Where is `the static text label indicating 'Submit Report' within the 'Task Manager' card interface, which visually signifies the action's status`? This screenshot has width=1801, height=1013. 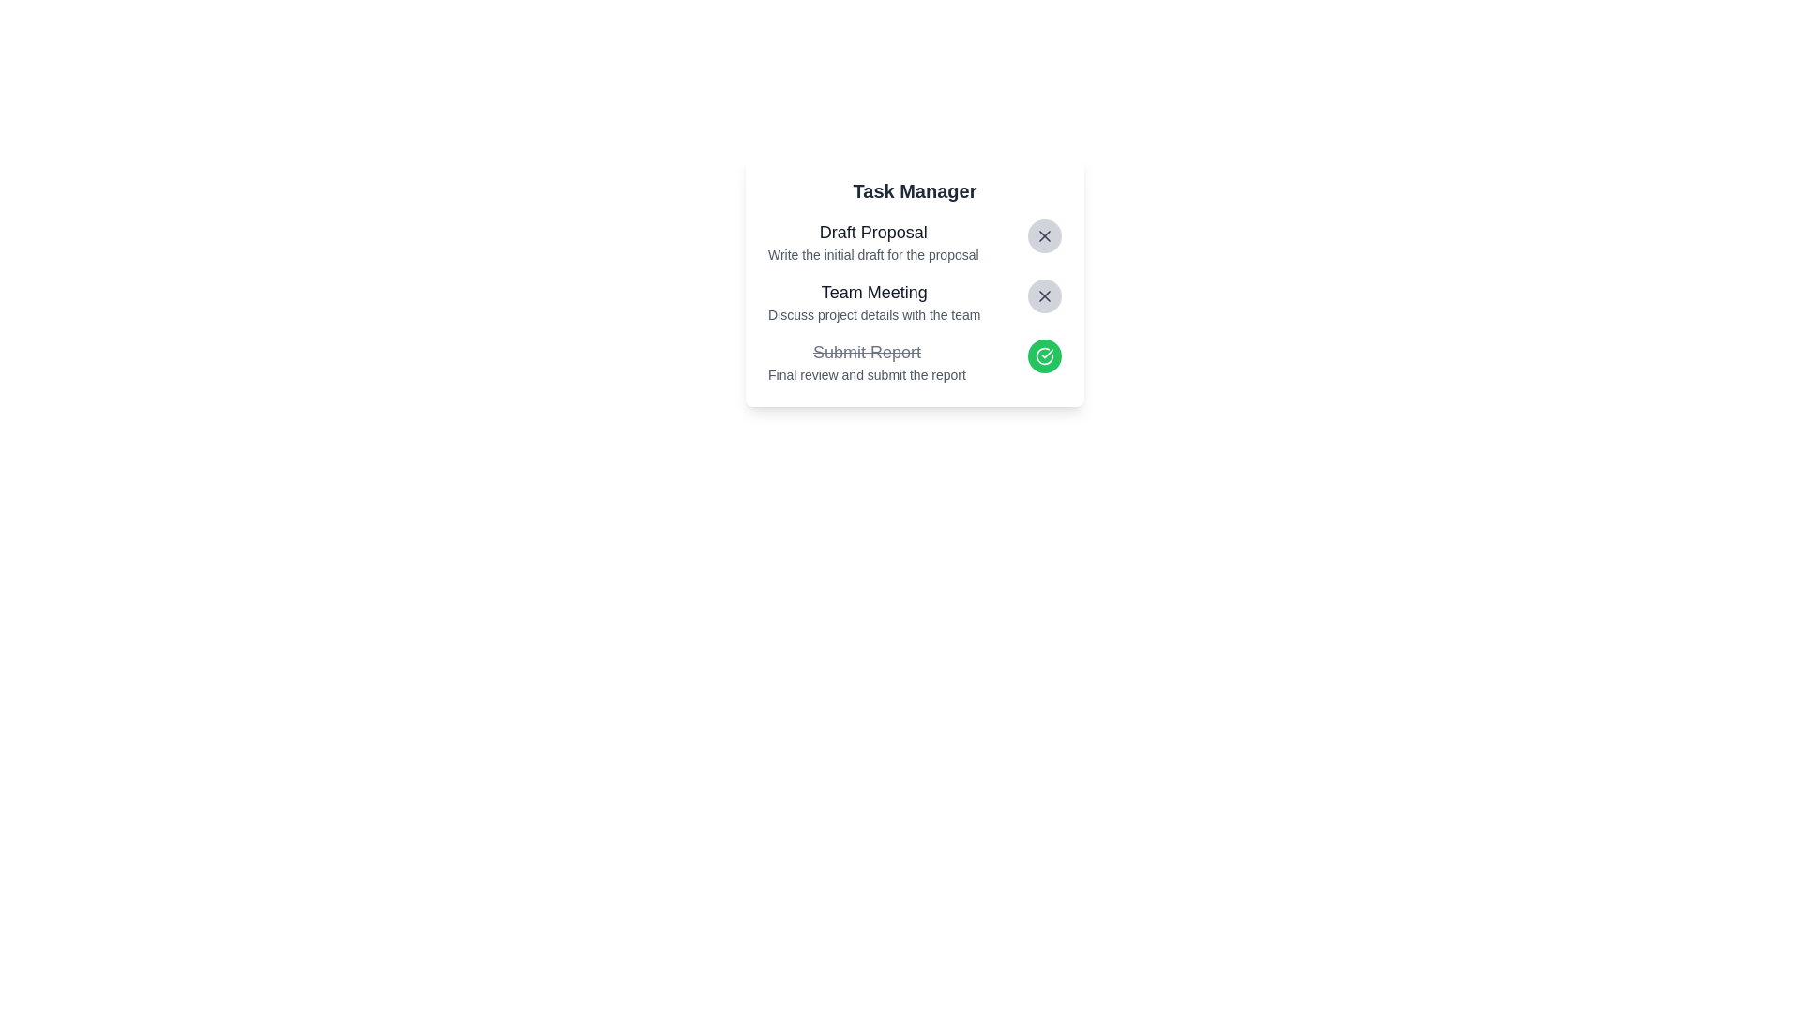 the static text label indicating 'Submit Report' within the 'Task Manager' card interface, which visually signifies the action's status is located at coordinates (866, 352).